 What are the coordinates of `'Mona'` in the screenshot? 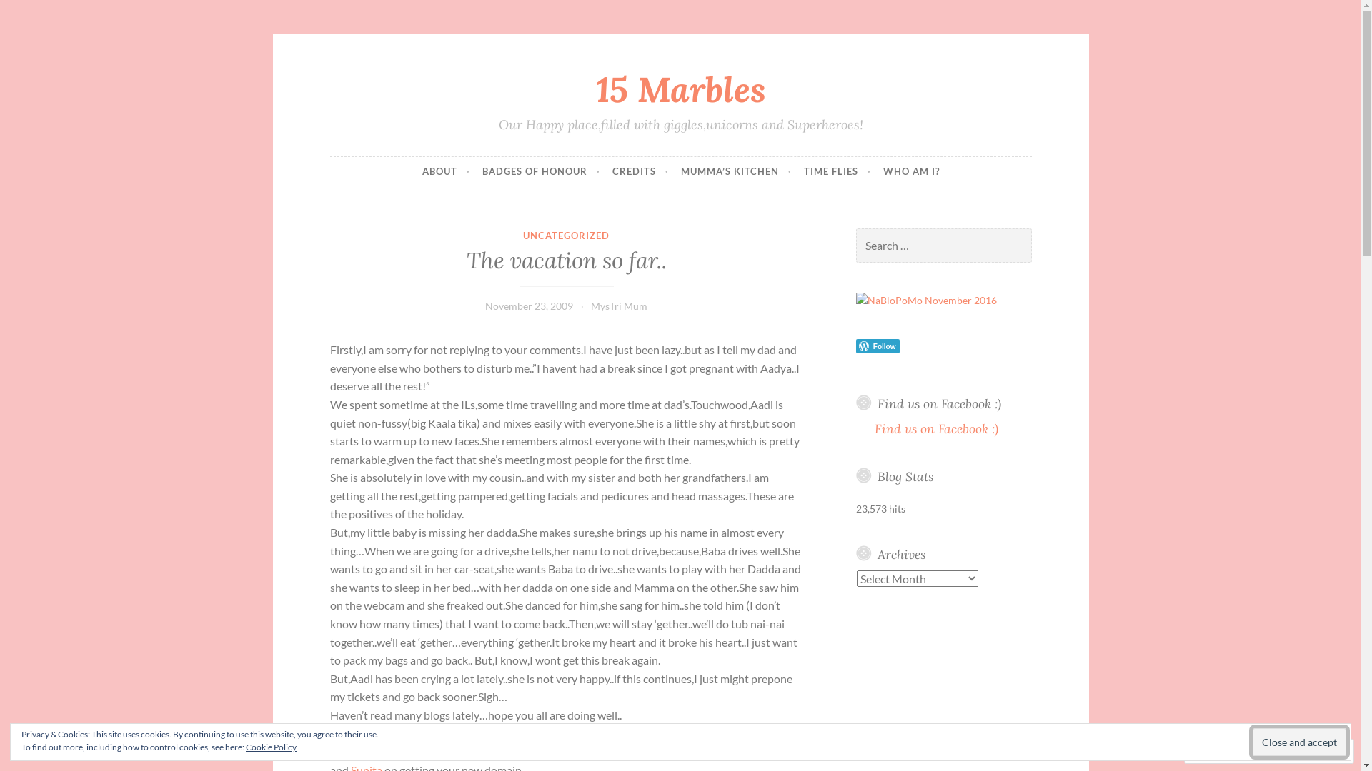 It's located at (392, 733).